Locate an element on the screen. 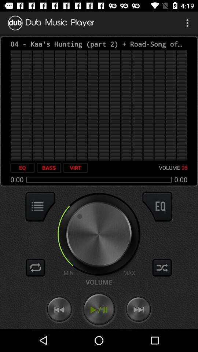  play and pause button which is below volume is located at coordinates (99, 309).